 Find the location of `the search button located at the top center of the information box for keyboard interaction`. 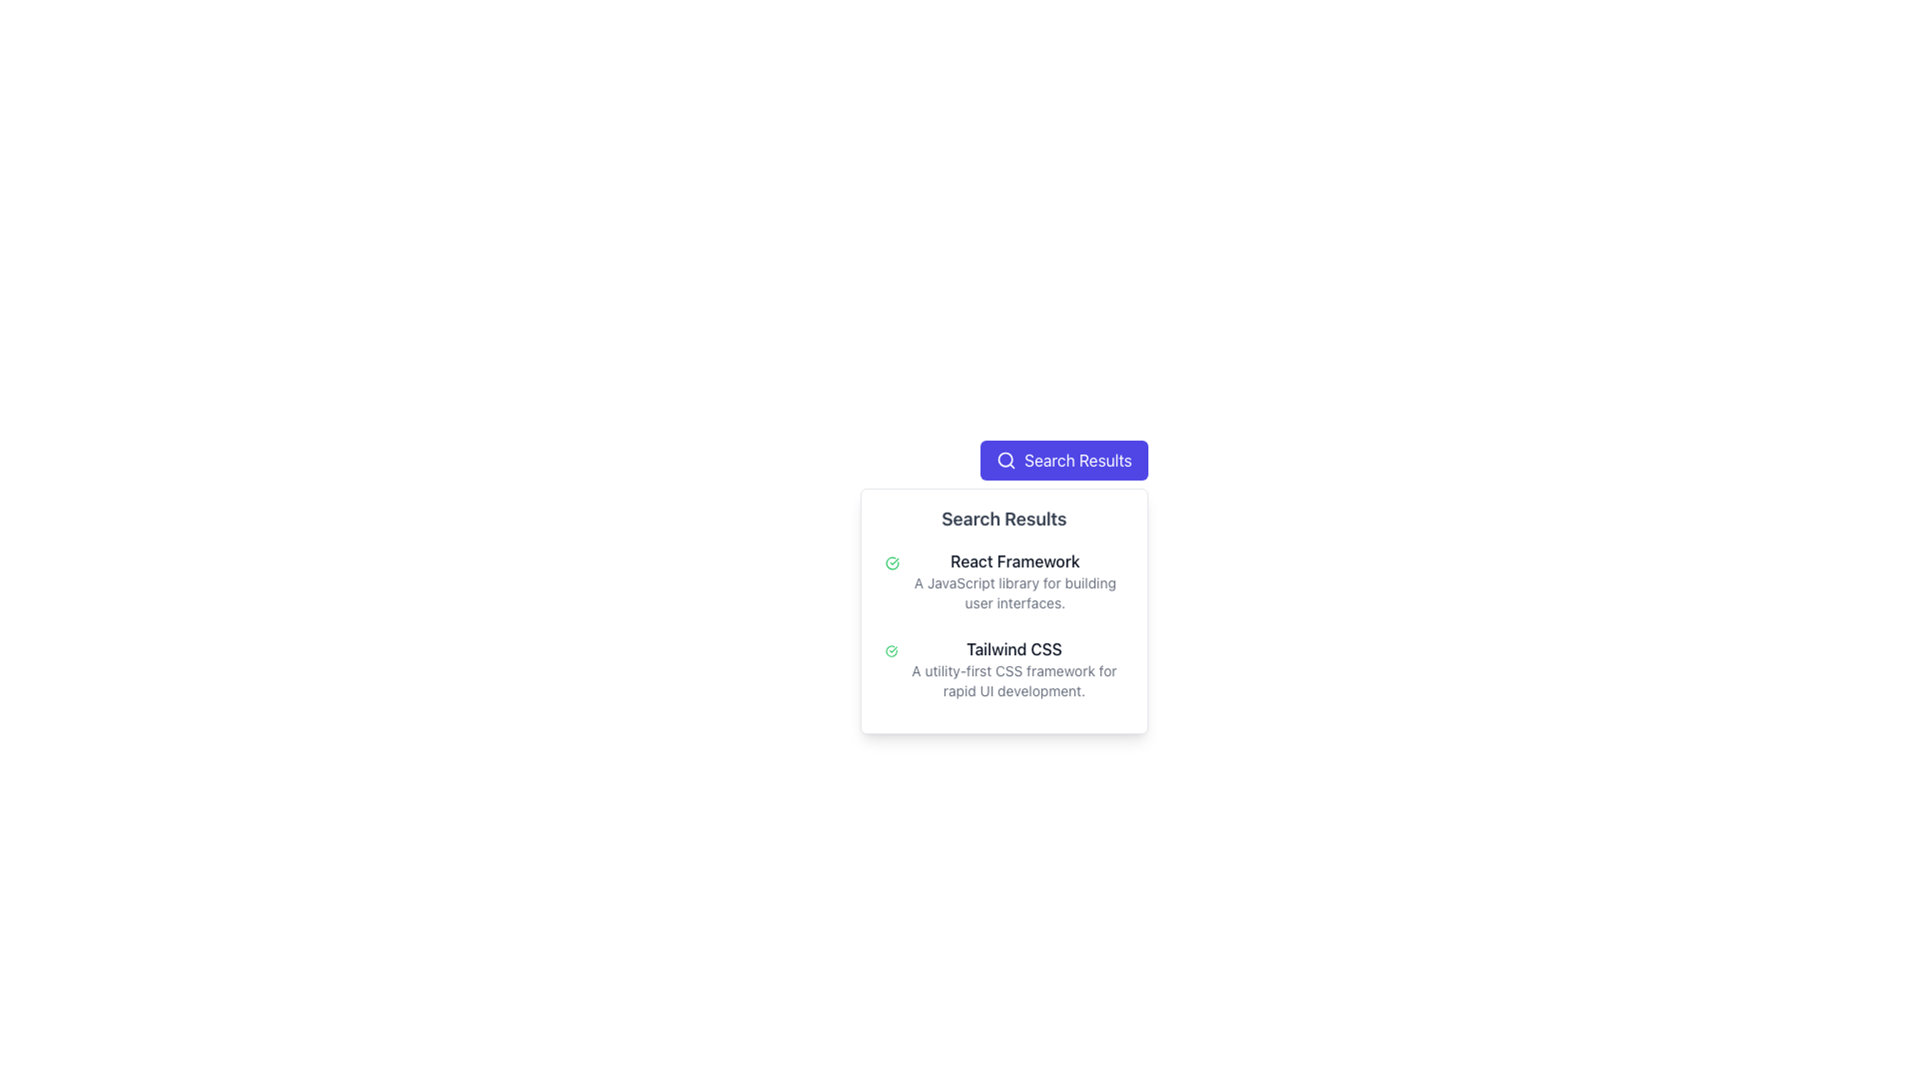

the search button located at the top center of the information box for keyboard interaction is located at coordinates (1063, 461).